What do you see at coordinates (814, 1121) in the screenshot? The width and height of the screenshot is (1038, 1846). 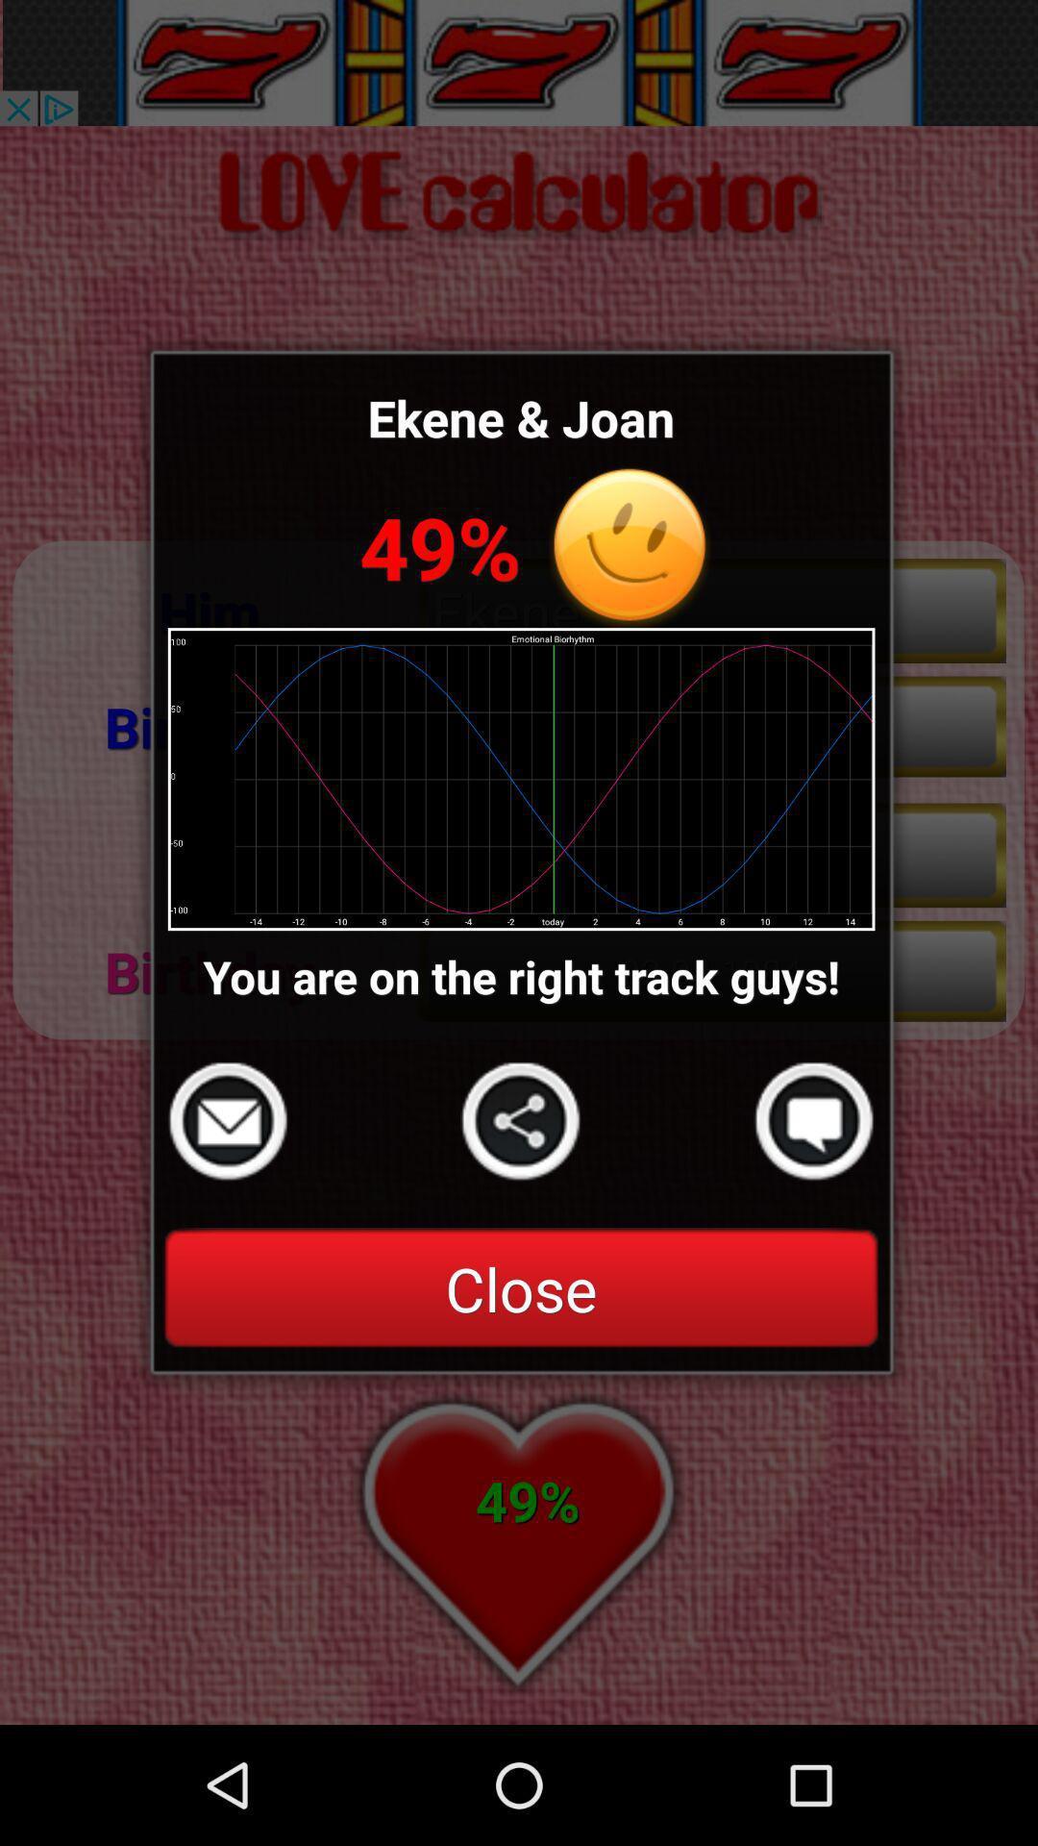 I see `message` at bounding box center [814, 1121].